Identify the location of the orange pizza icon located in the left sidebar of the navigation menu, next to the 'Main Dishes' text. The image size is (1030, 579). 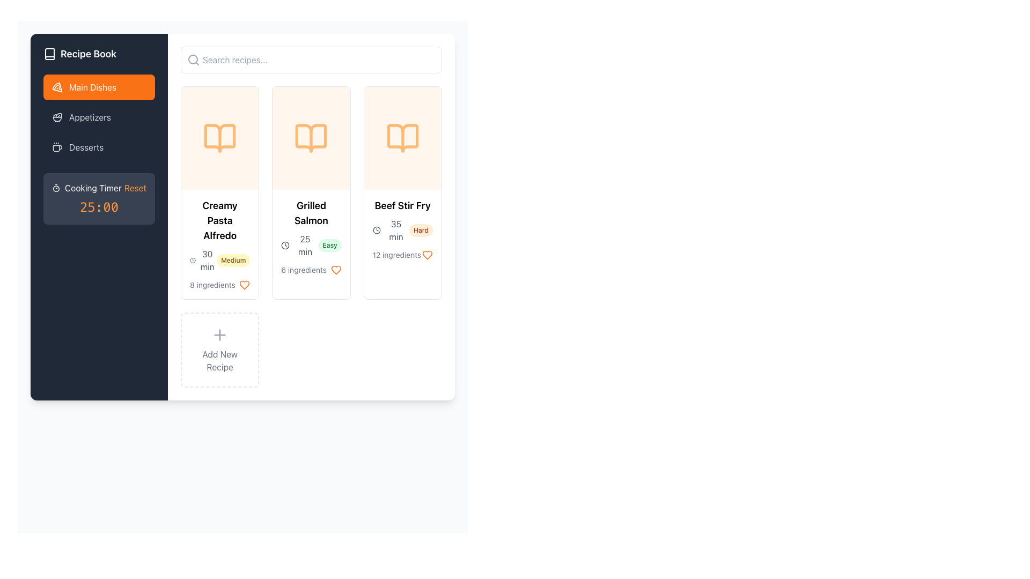
(56, 86).